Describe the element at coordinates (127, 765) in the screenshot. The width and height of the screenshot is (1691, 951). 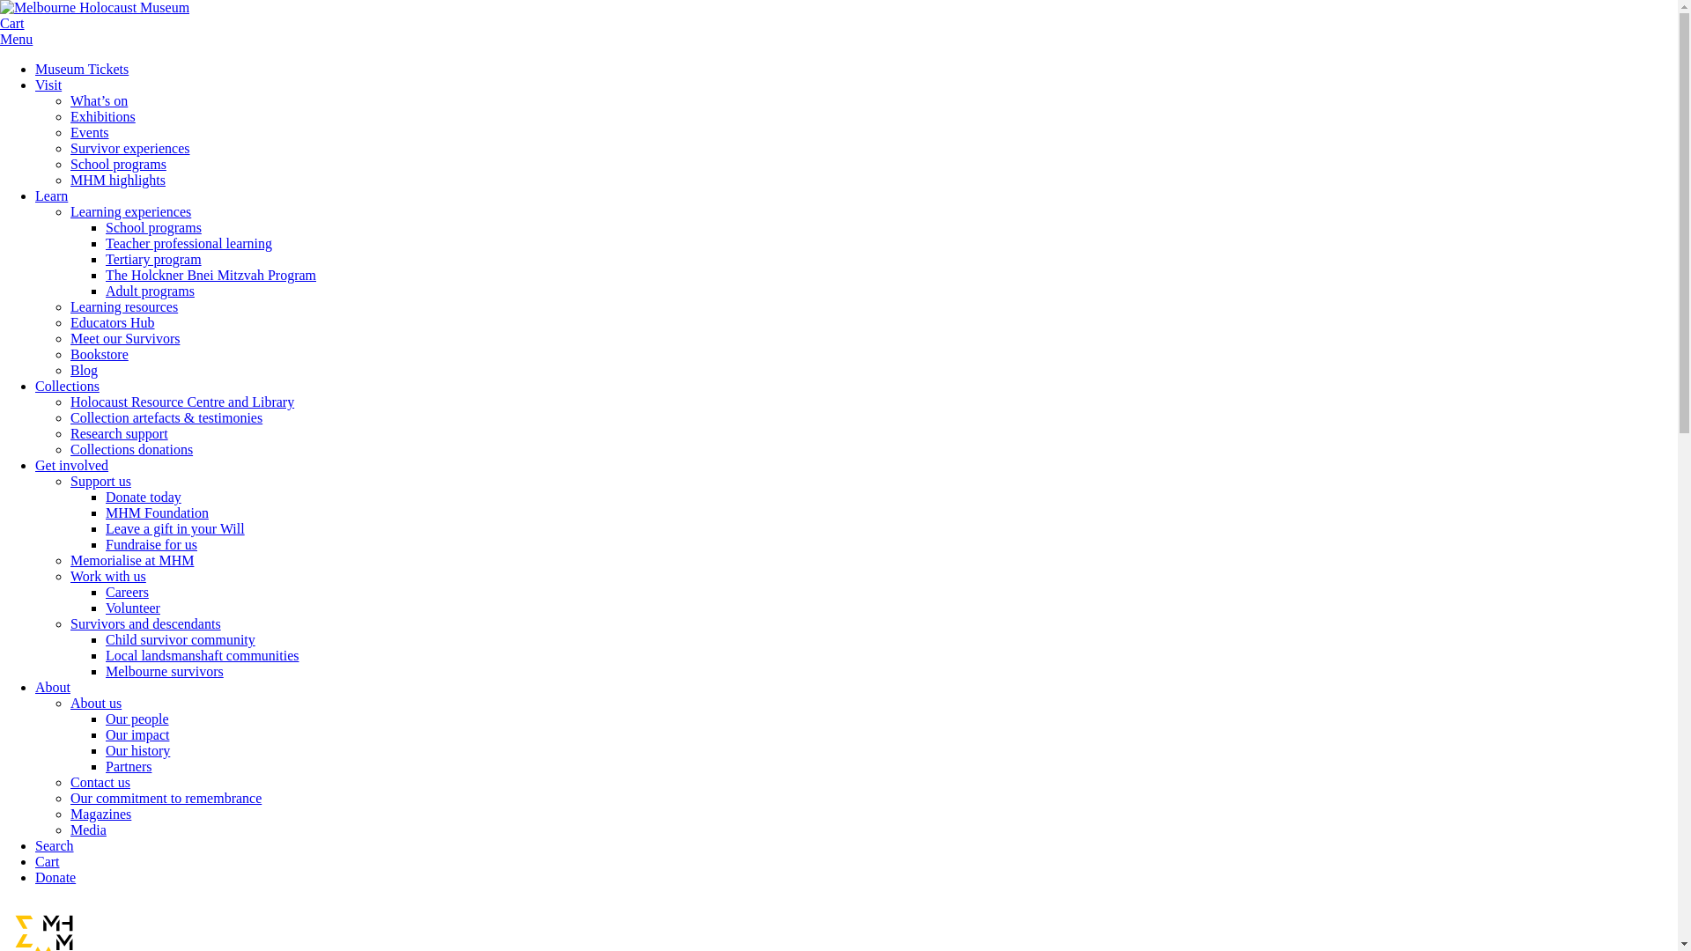
I see `'Partners'` at that location.